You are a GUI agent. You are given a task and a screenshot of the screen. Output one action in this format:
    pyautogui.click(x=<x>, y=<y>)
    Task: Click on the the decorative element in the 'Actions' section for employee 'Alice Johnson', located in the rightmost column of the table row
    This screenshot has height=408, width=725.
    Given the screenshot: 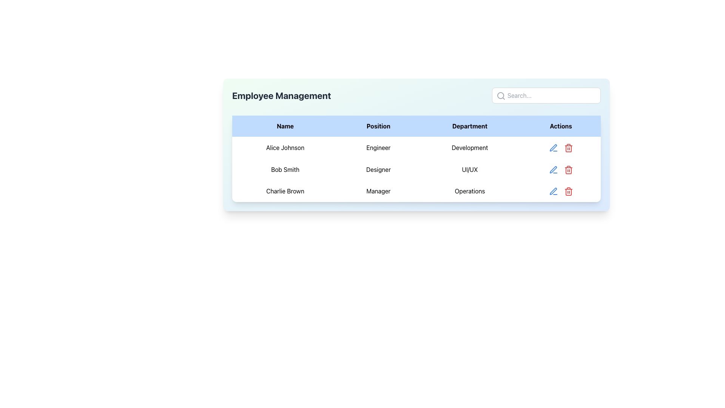 What is the action you would take?
    pyautogui.click(x=561, y=147)
    